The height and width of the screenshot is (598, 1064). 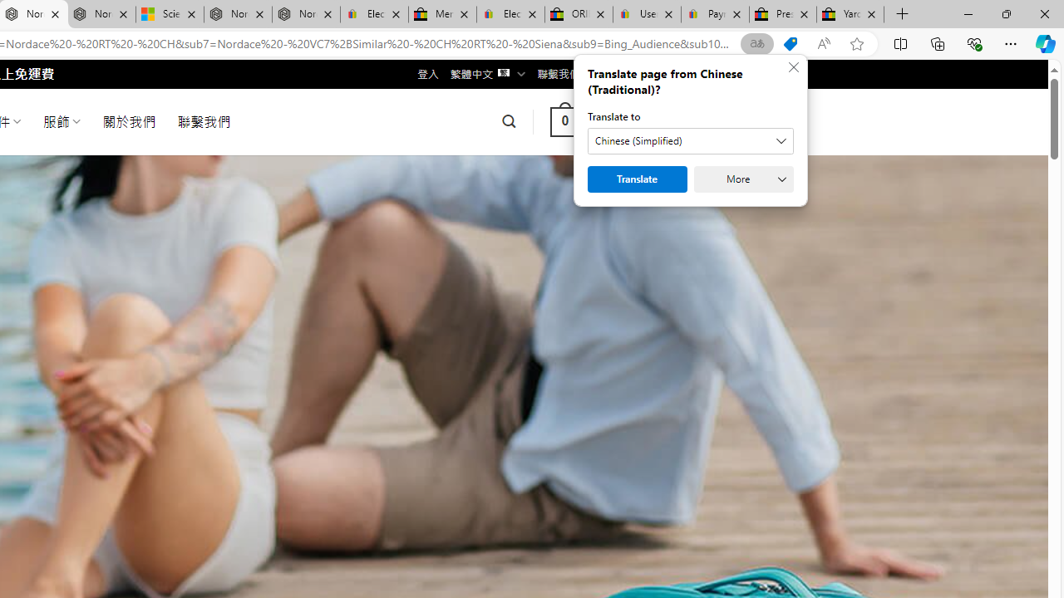 What do you see at coordinates (899, 42) in the screenshot?
I see `'Split screen'` at bounding box center [899, 42].